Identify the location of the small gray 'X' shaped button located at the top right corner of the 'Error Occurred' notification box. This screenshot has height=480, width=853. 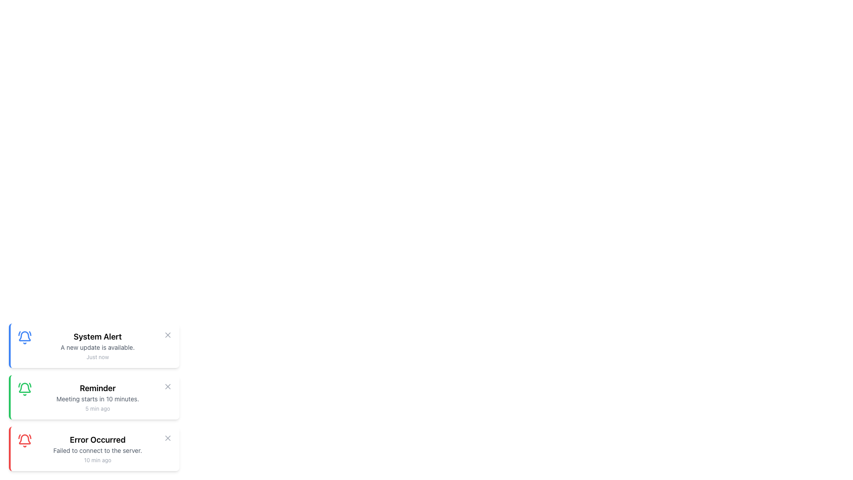
(168, 438).